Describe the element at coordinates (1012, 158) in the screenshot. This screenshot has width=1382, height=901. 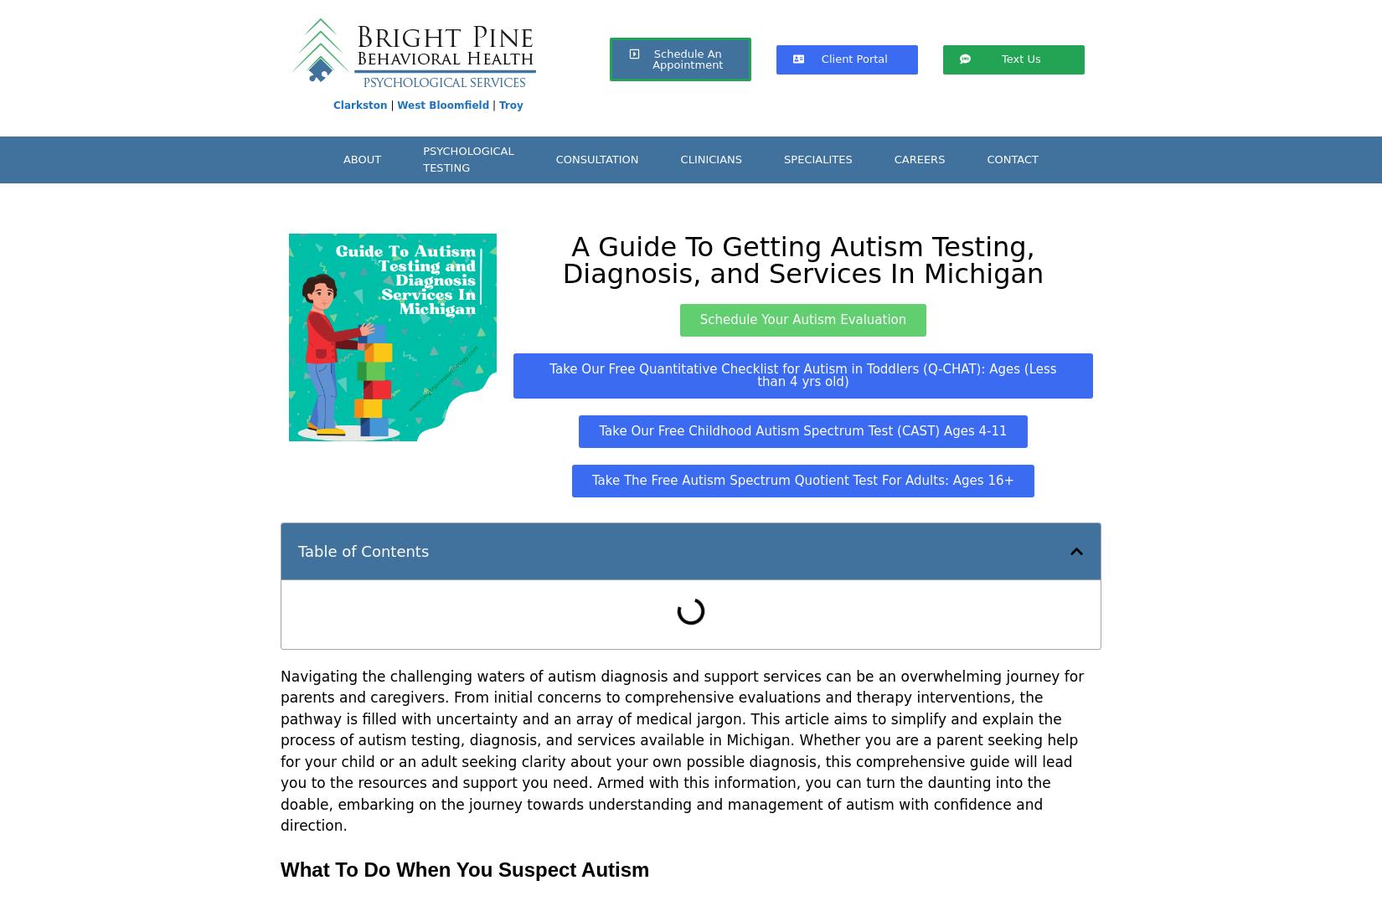
I see `'CONTACT'` at that location.